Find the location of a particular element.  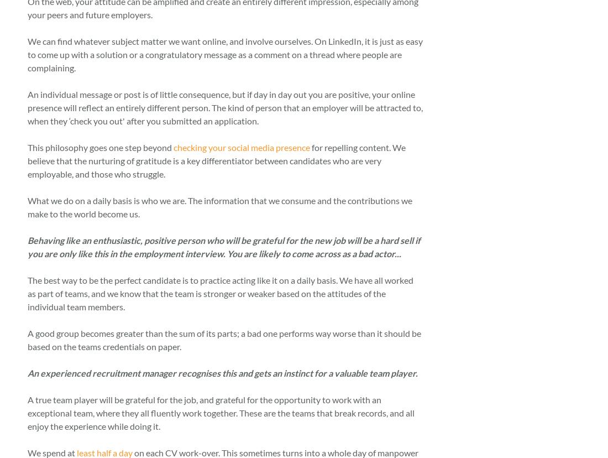

'for repelling content. We believe that the nurturing of gratitude is a key differentiator between candidates who are very employable, and those who struggle.' is located at coordinates (217, 160).